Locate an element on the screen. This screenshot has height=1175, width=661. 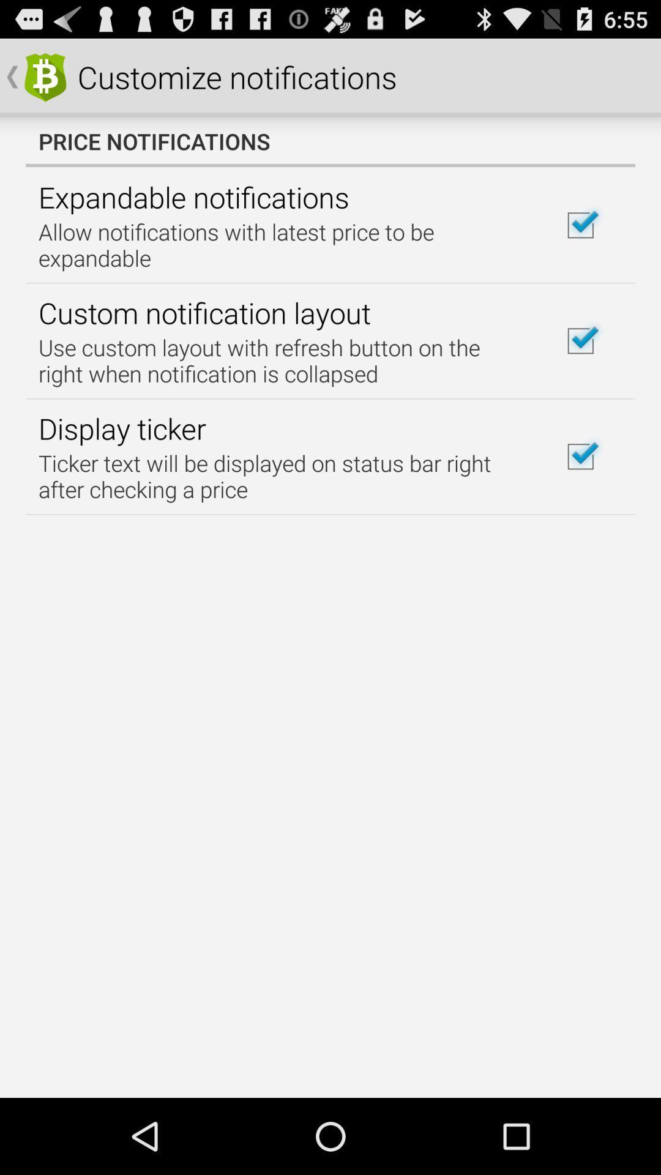
ticker text will icon is located at coordinates (283, 476).